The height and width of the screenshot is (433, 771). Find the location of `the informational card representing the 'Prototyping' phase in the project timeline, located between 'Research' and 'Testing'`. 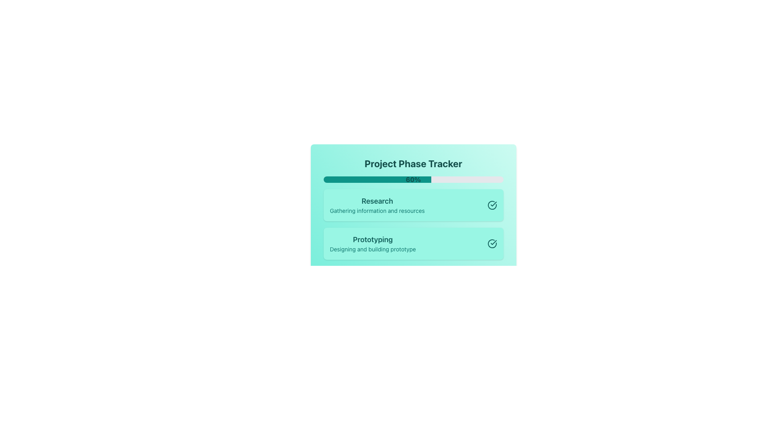

the informational card representing the 'Prototyping' phase in the project timeline, located between 'Research' and 'Testing' is located at coordinates (413, 243).